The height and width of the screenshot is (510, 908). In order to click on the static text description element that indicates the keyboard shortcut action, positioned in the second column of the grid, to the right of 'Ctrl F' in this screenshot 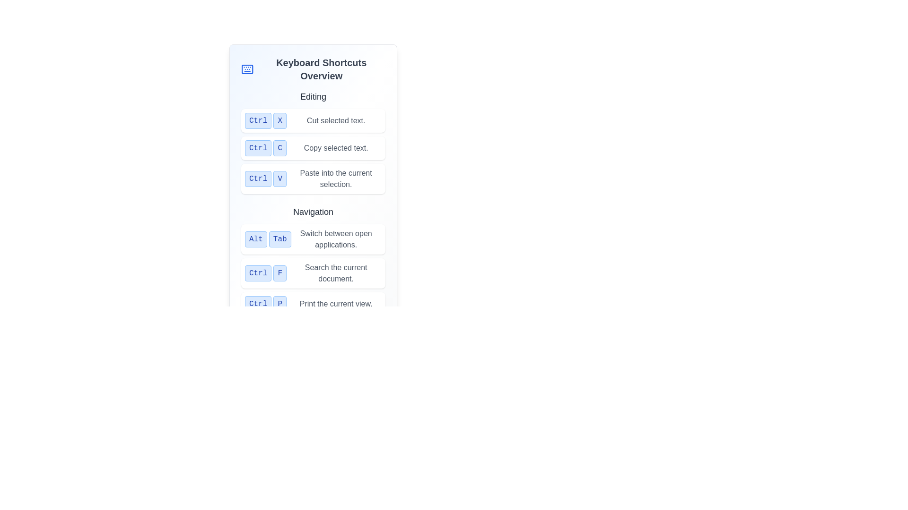, I will do `click(336, 273)`.